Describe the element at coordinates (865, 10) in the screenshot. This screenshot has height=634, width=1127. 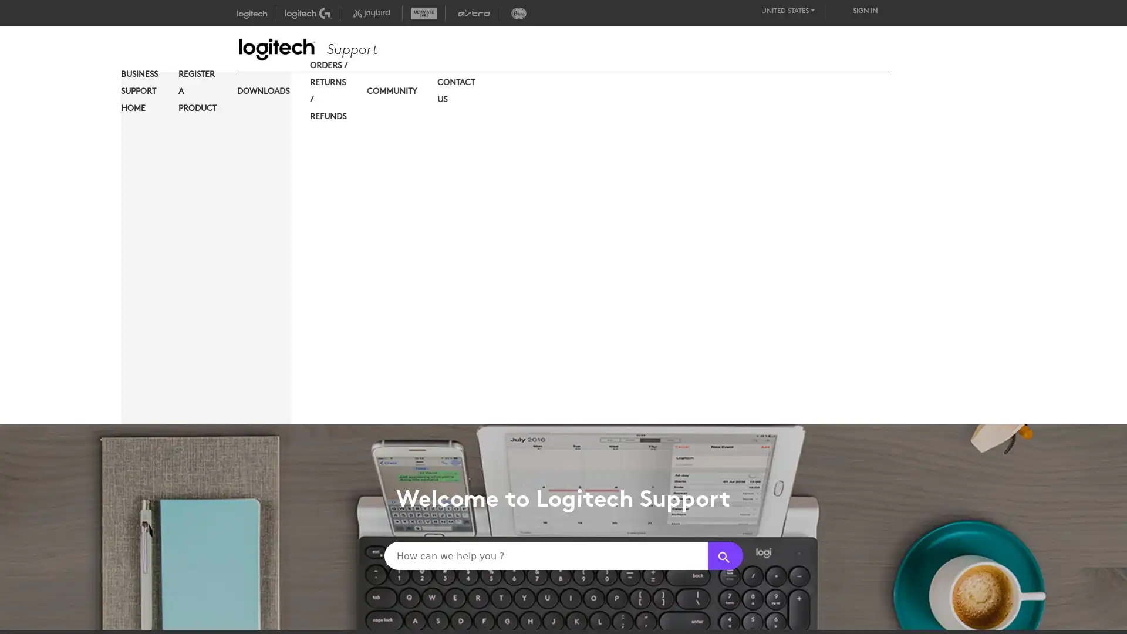
I see `SIGN IN` at that location.